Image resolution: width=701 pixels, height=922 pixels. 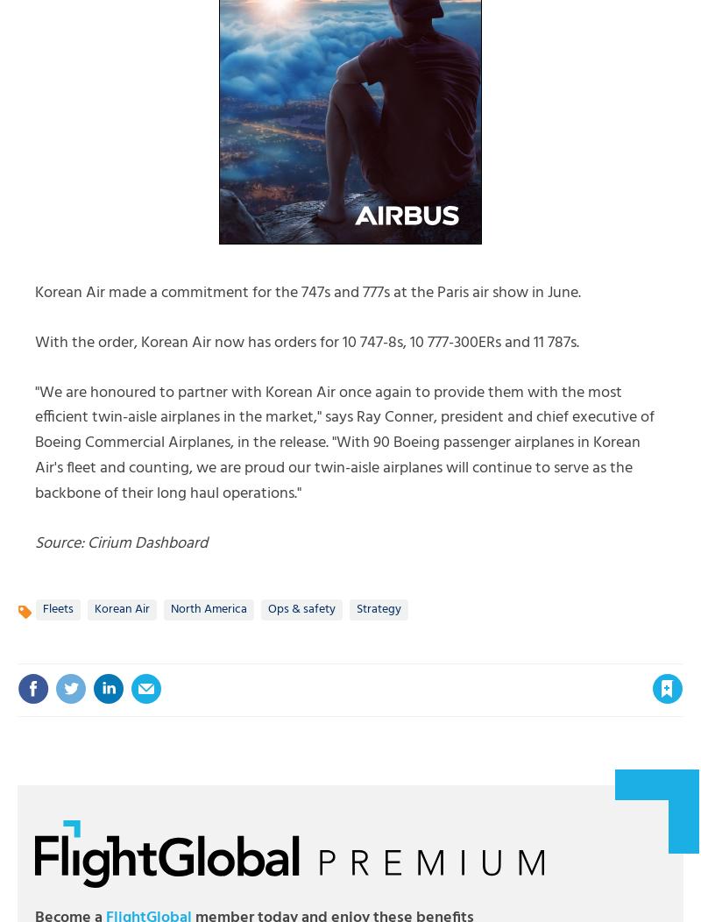 I want to click on 'Korean Air made a commitment for the 747s and 777s at the Paris air show in June.', so click(x=308, y=291).